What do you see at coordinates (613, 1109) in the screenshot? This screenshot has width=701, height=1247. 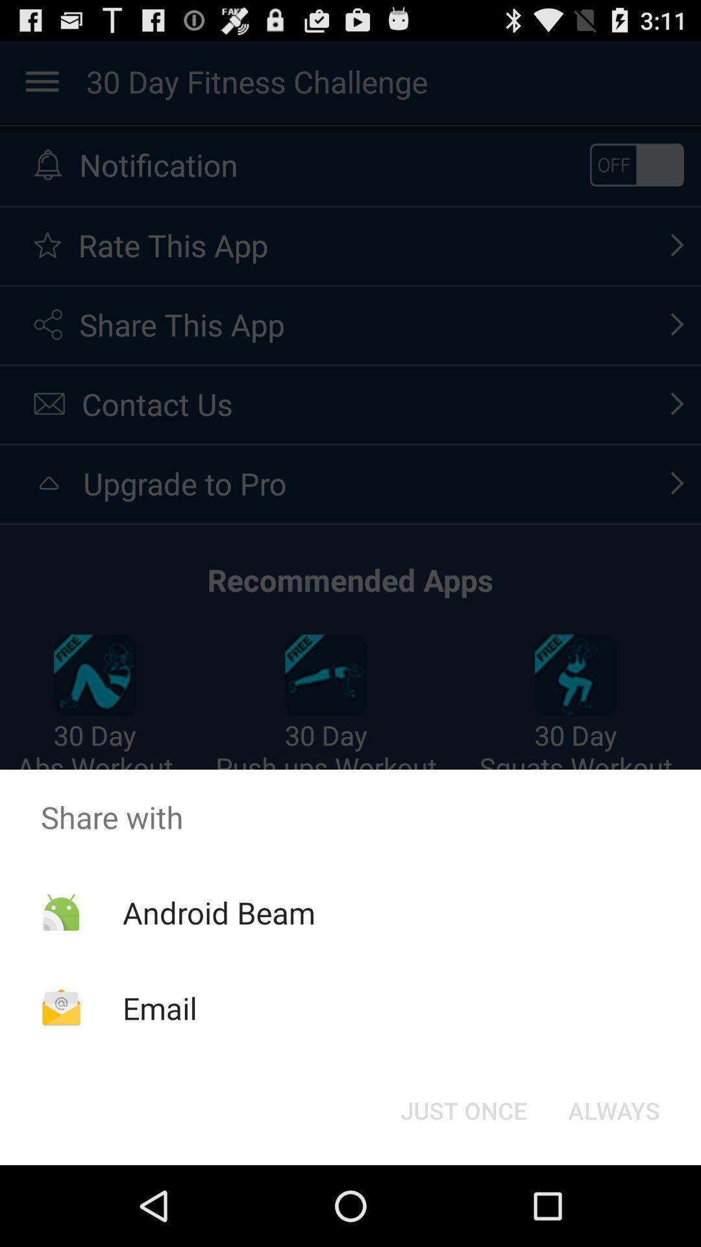 I see `item below the share with app` at bounding box center [613, 1109].